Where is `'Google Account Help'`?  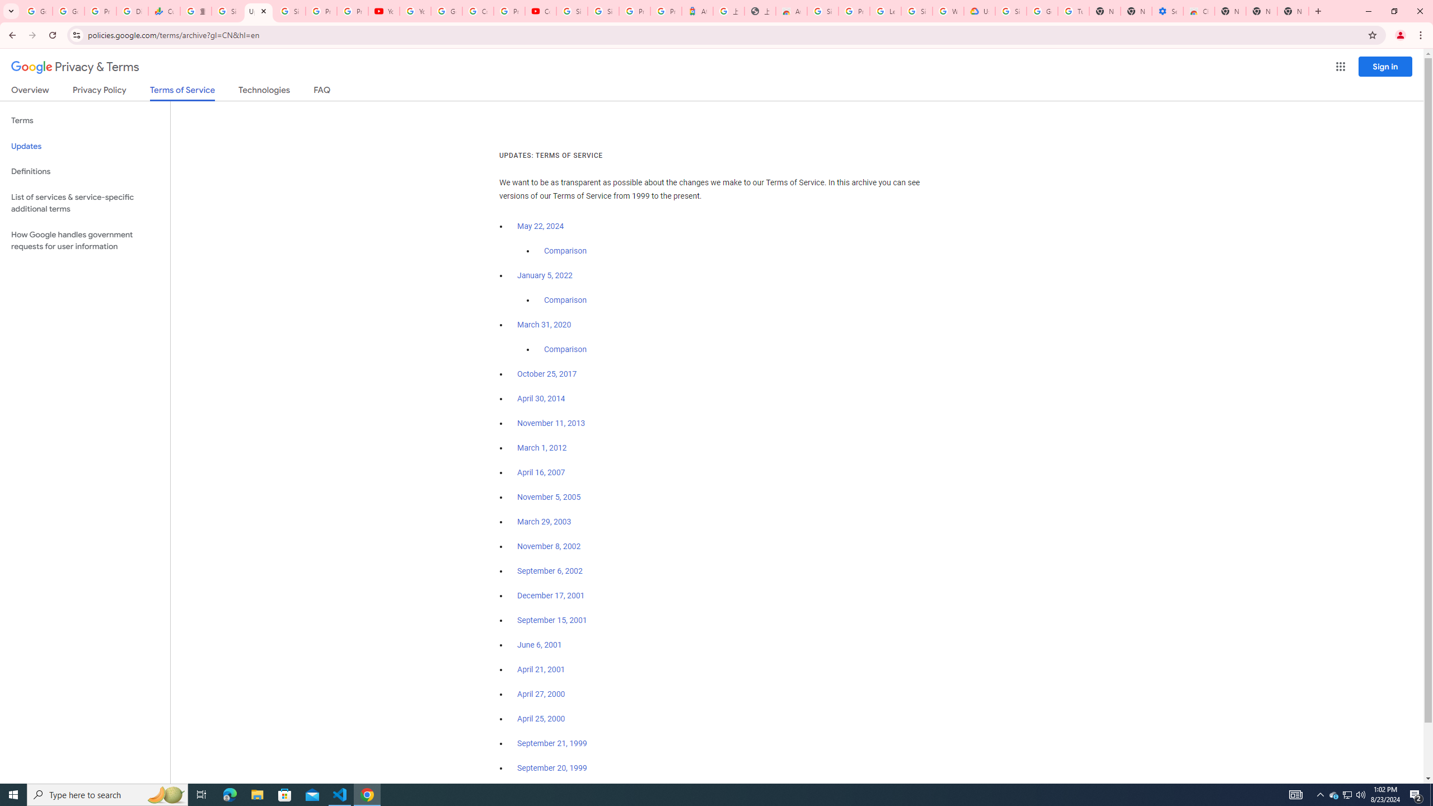
'Google Account Help' is located at coordinates (446, 11).